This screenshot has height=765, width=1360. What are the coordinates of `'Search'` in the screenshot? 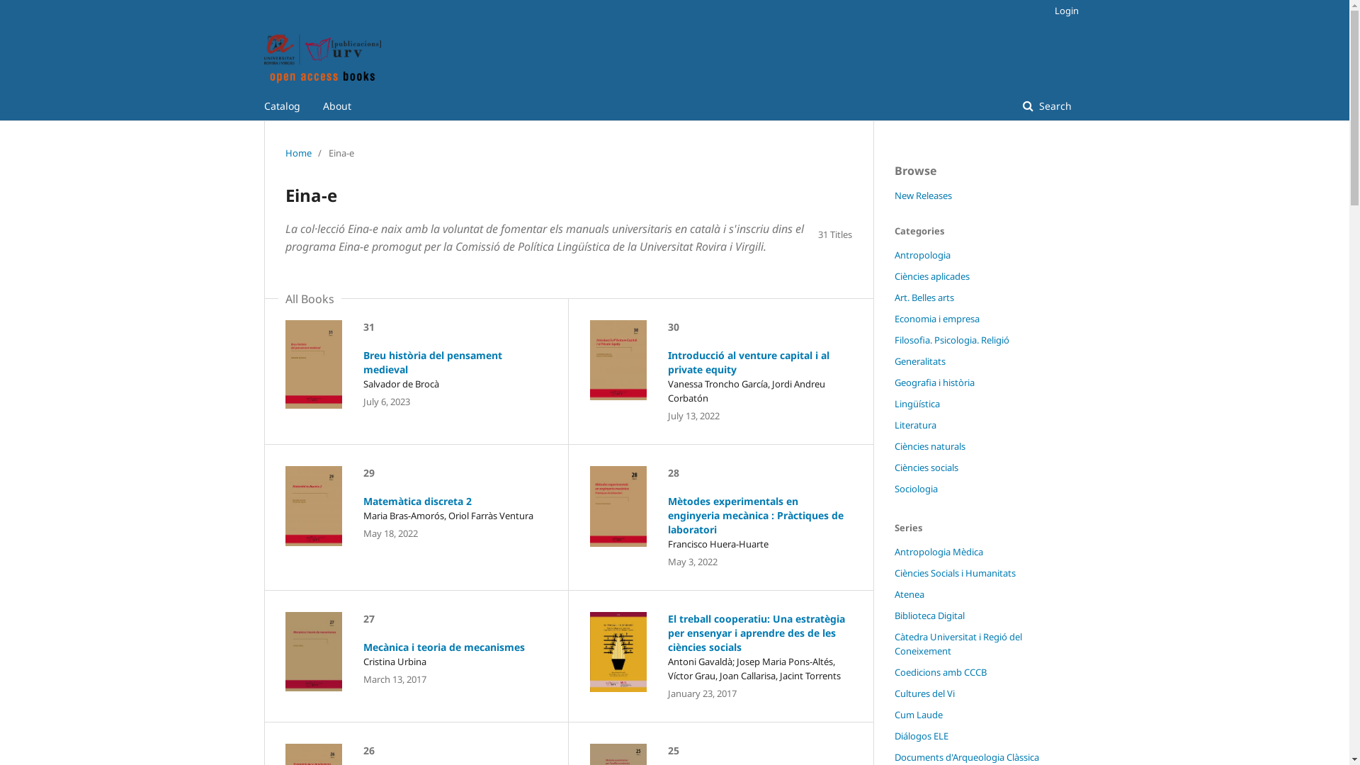 It's located at (1047, 106).